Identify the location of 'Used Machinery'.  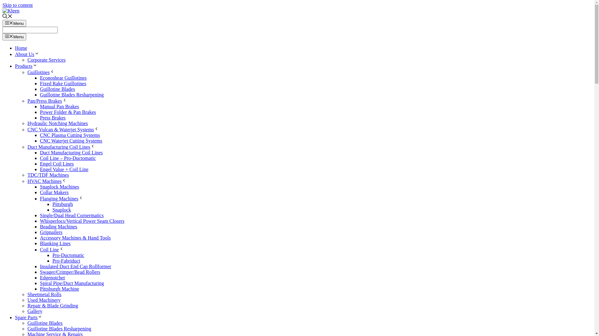
(43, 300).